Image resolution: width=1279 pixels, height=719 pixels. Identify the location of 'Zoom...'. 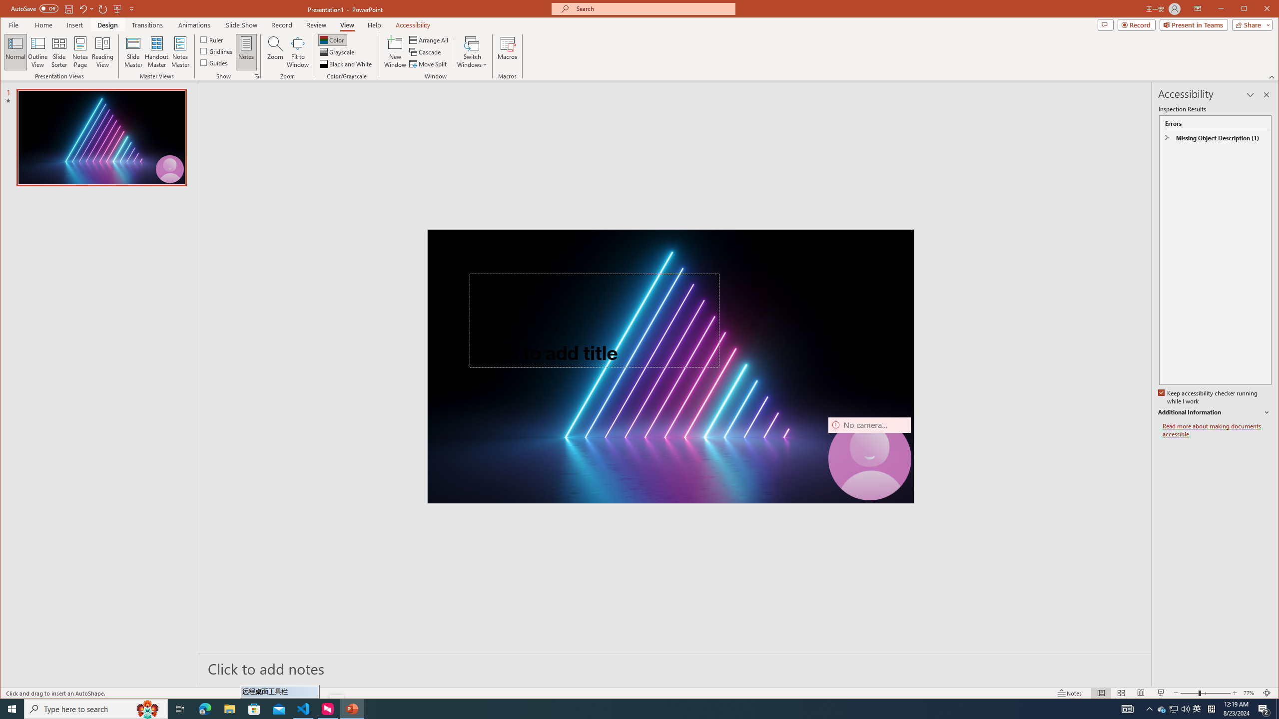
(275, 51).